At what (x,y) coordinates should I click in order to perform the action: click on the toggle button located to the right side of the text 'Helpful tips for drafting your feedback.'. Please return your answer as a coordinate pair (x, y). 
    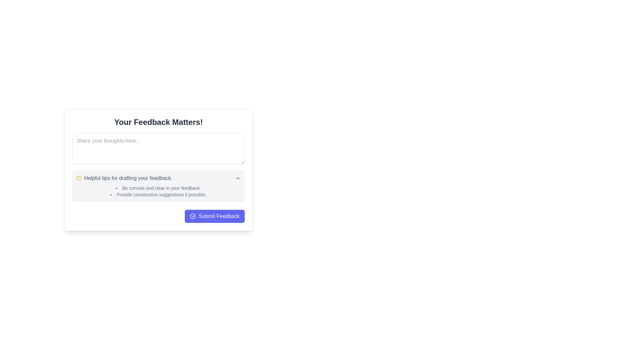
    Looking at the image, I should click on (237, 178).